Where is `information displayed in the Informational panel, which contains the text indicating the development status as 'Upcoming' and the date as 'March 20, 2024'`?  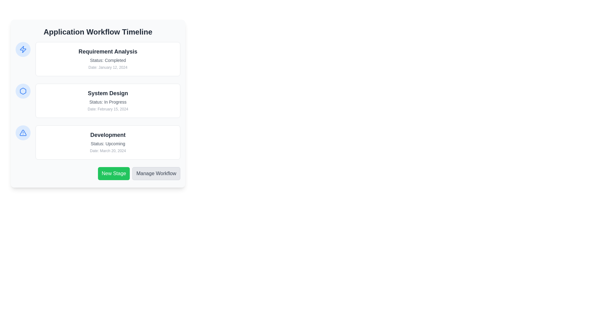 information displayed in the Informational panel, which contains the text indicating the development status as 'Upcoming' and the date as 'March 20, 2024' is located at coordinates (97, 142).